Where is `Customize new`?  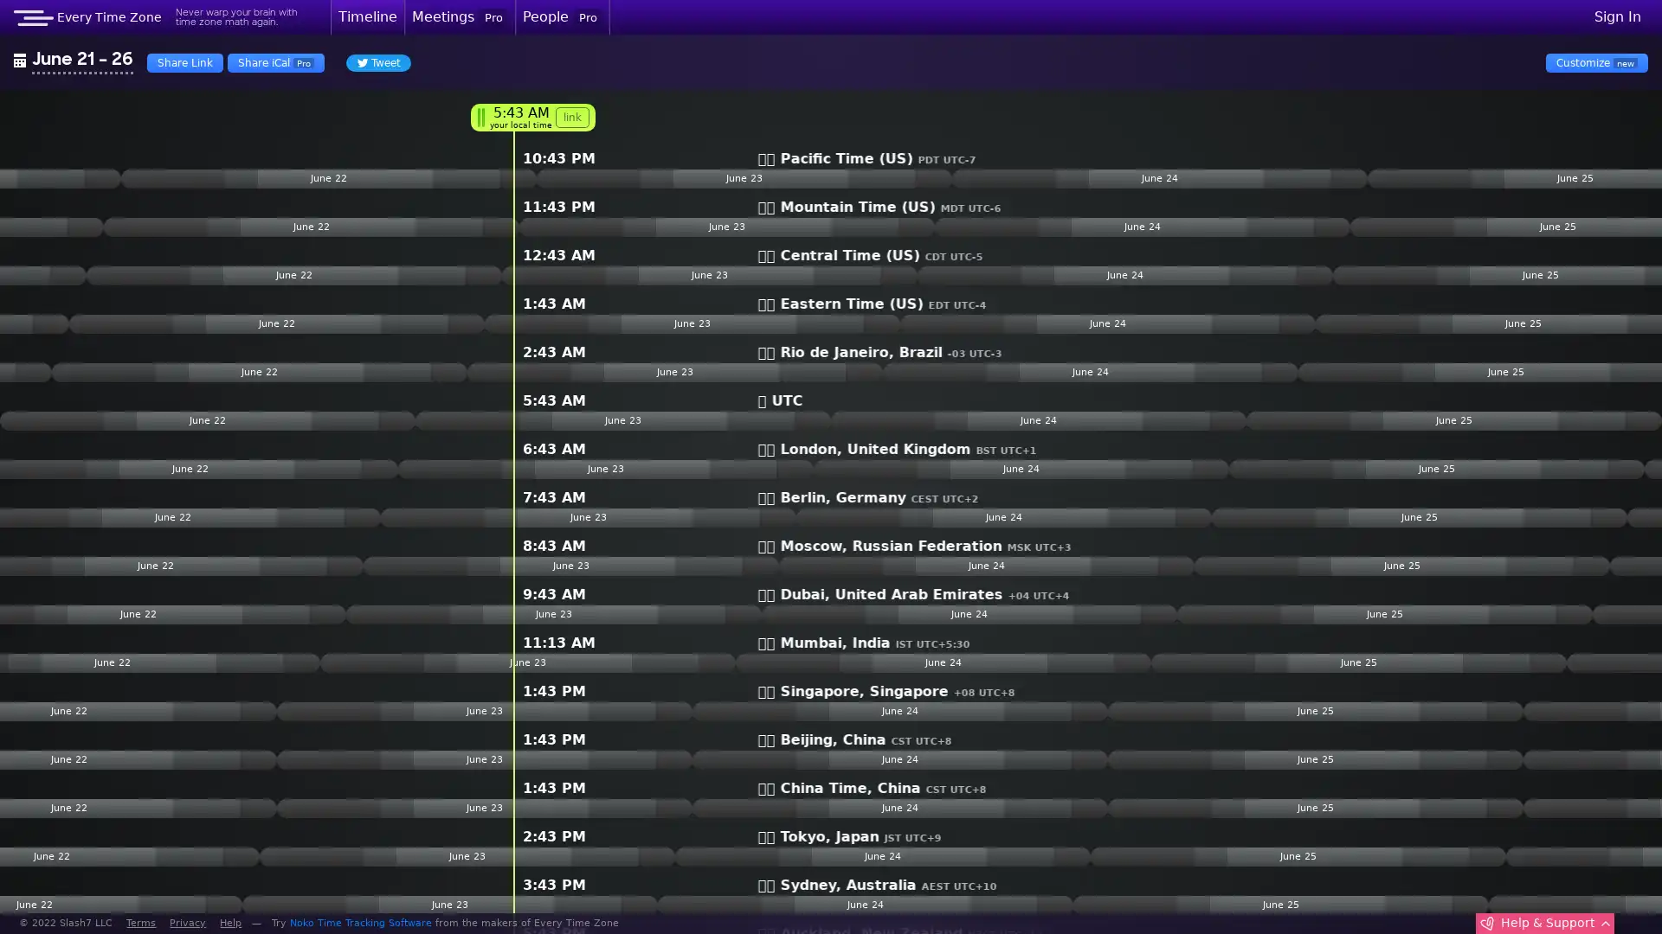 Customize new is located at coordinates (1595, 61).